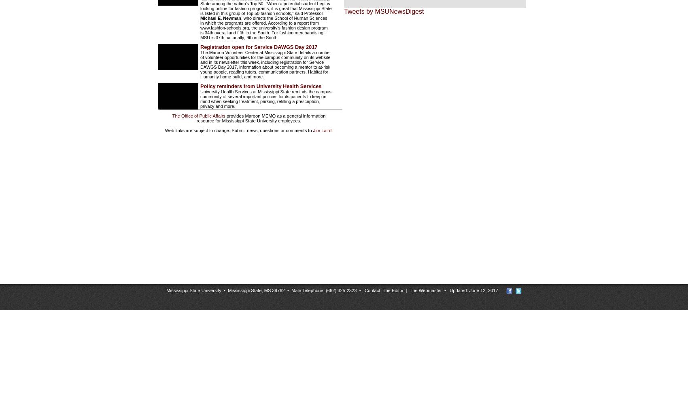 The height and width of the screenshot is (404, 688). Describe the element at coordinates (312, 130) in the screenshot. I see `'Jim Laird'` at that location.